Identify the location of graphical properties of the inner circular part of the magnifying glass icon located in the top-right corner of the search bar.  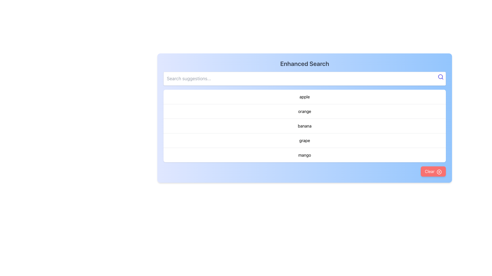
(440, 77).